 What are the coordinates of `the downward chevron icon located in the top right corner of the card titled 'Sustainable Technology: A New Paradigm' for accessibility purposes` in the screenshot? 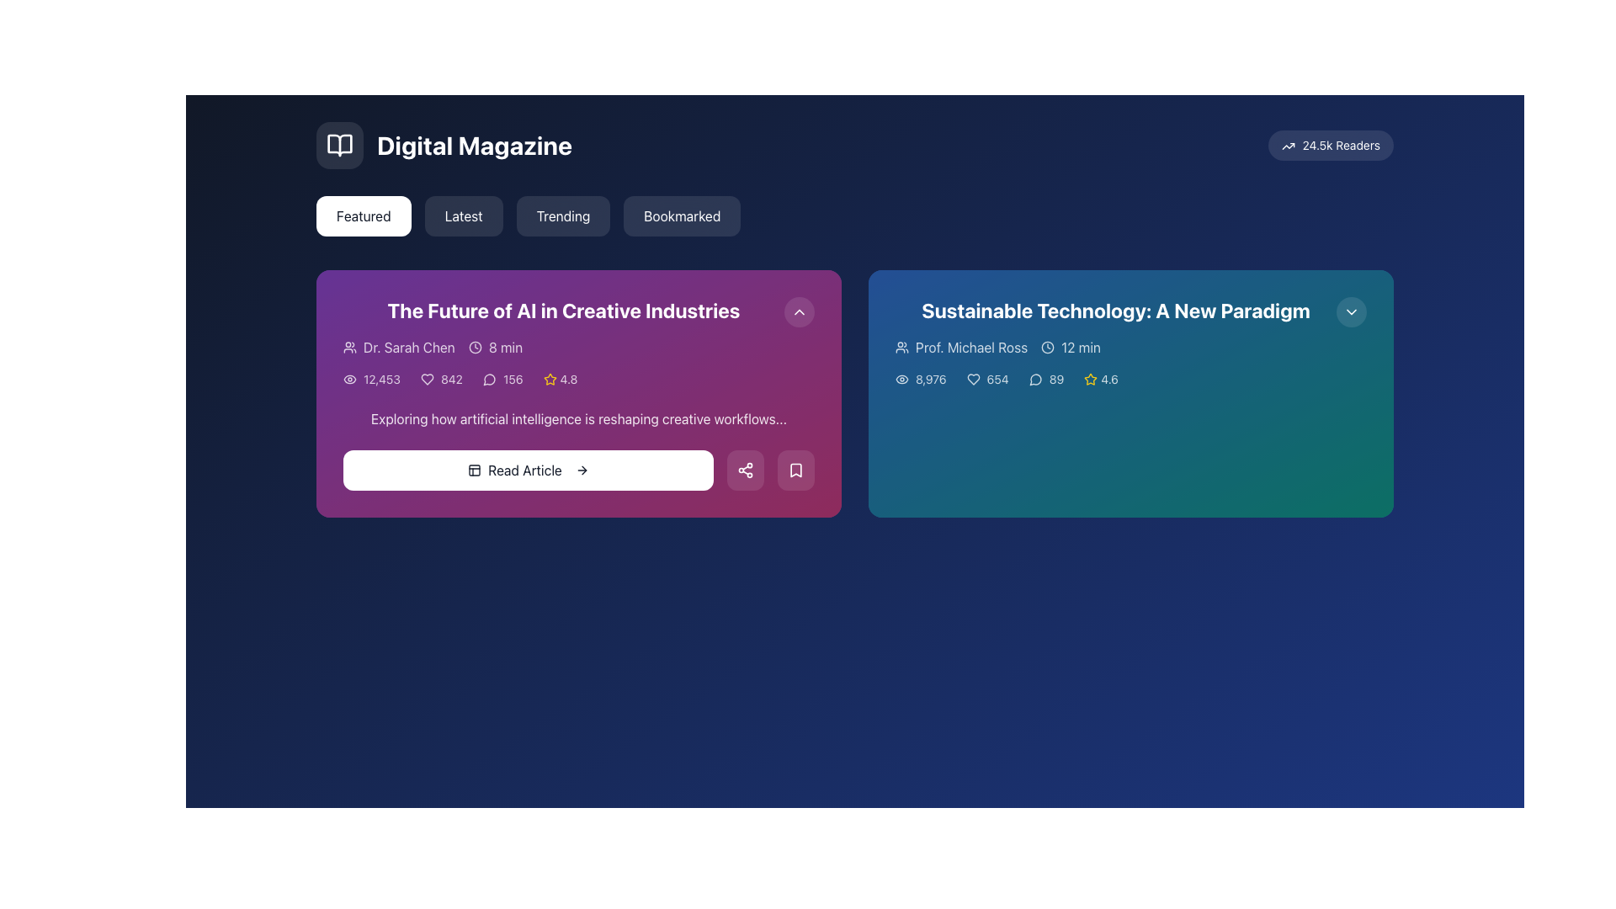 It's located at (1352, 311).